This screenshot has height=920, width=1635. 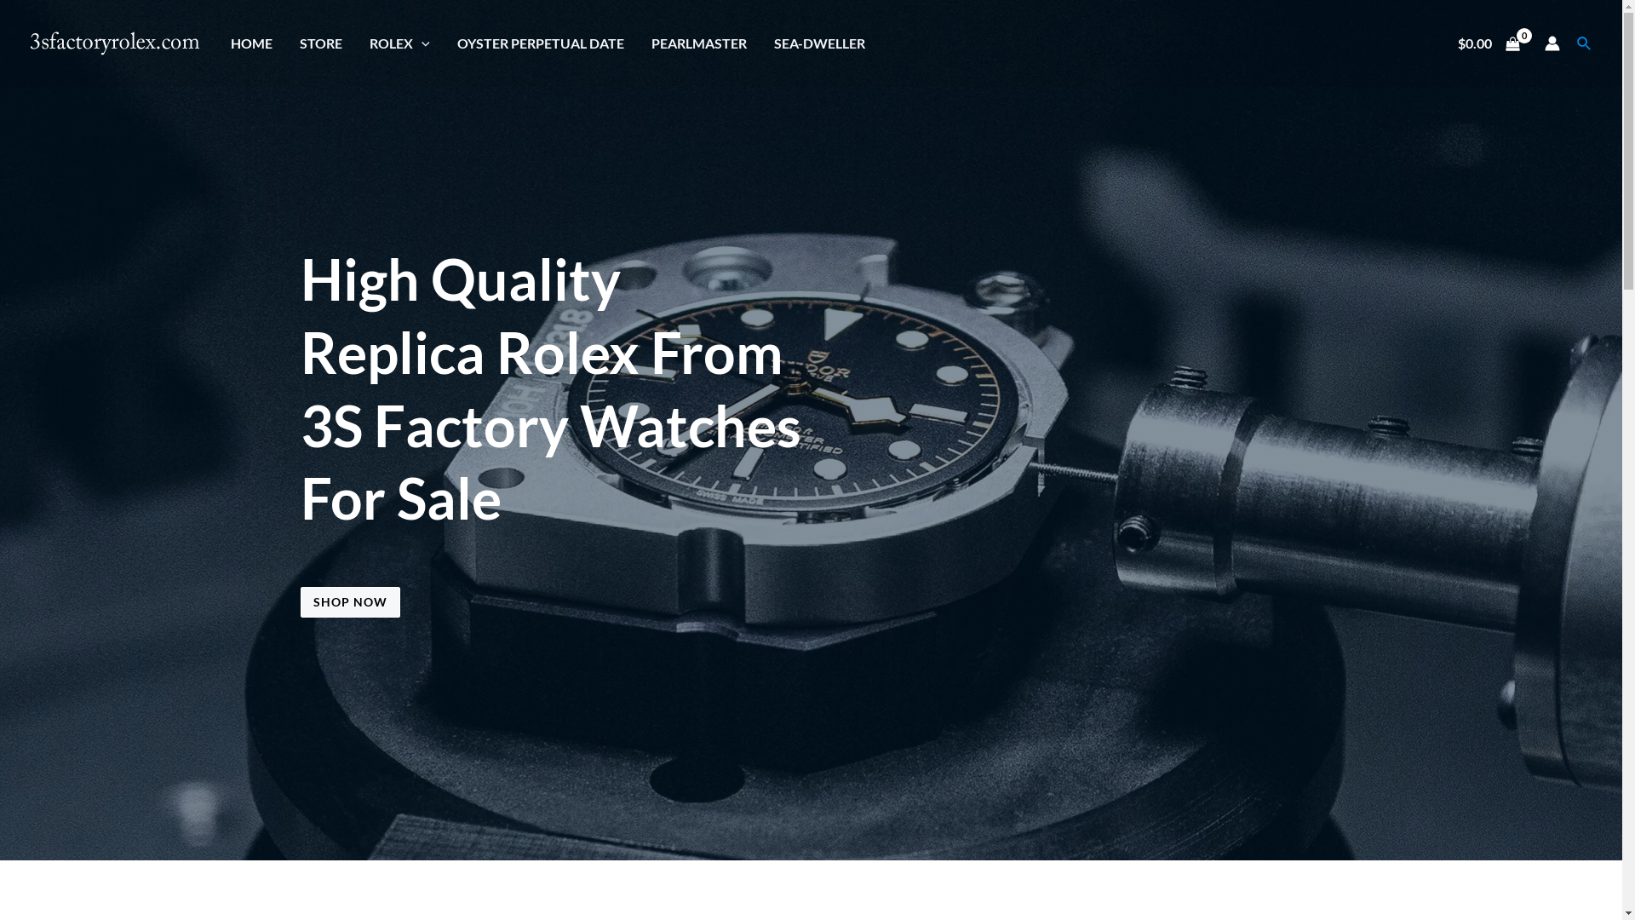 What do you see at coordinates (819, 42) in the screenshot?
I see `'SEA-DWELLER'` at bounding box center [819, 42].